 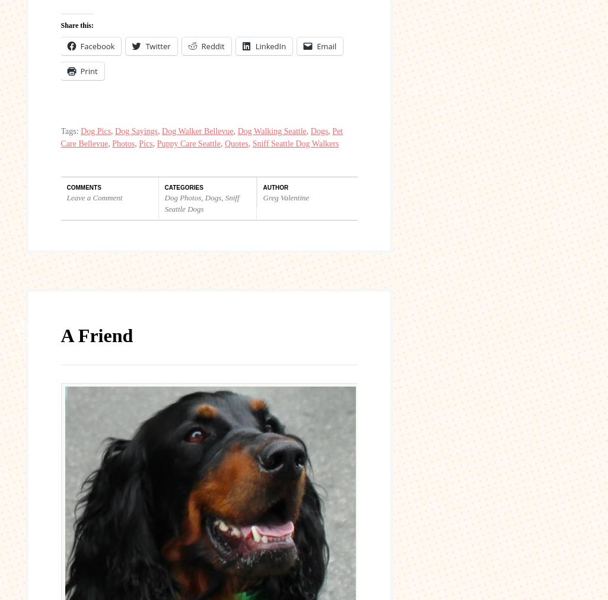 What do you see at coordinates (71, 130) in the screenshot?
I see `'Tags:'` at bounding box center [71, 130].